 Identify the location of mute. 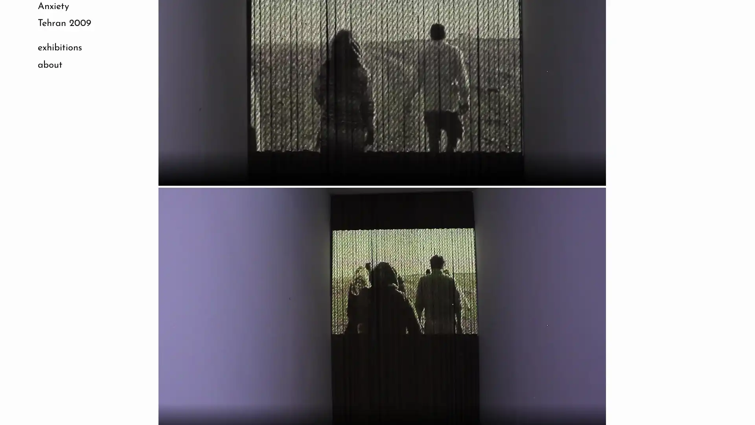
(558, 166).